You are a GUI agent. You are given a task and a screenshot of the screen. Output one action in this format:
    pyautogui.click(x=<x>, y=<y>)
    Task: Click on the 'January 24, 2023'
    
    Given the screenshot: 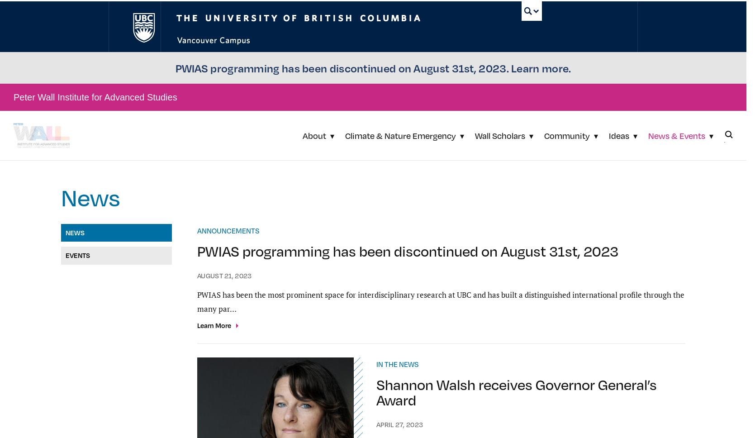 What is the action you would take?
    pyautogui.click(x=376, y=167)
    